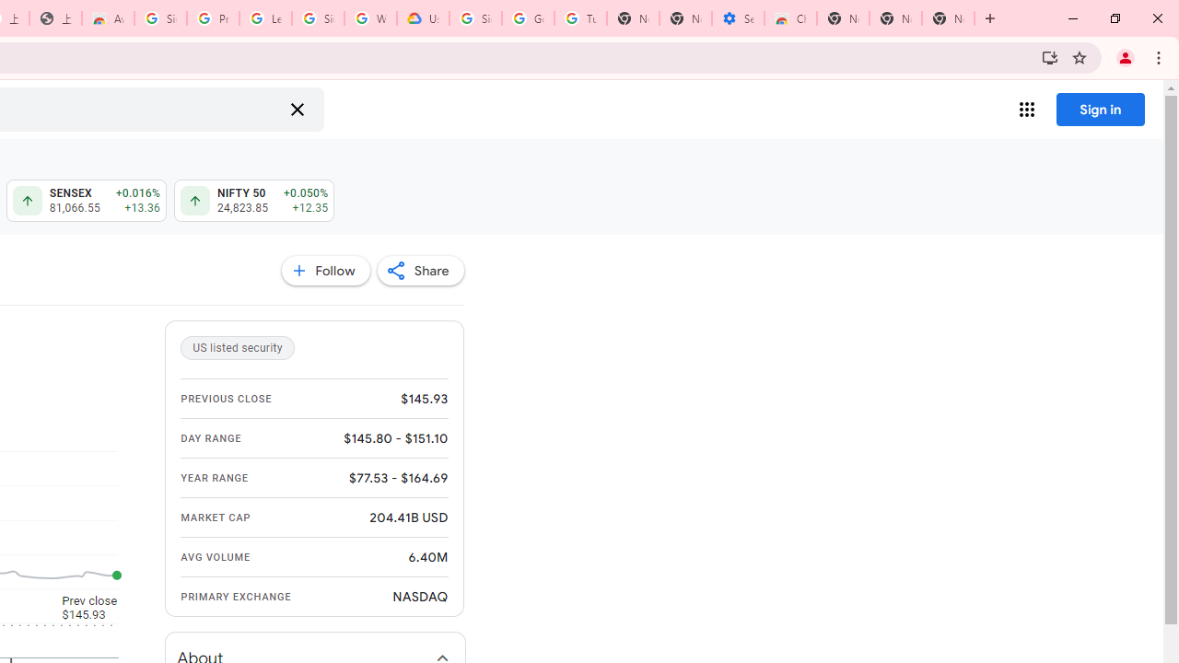  Describe the element at coordinates (107, 18) in the screenshot. I see `'Awesome Screen Recorder & Screenshot - Chrome Web Store'` at that location.